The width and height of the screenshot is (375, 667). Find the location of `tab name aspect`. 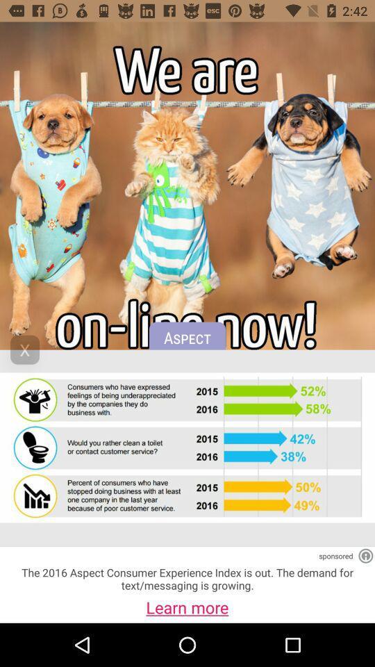

tab name aspect is located at coordinates (187, 343).